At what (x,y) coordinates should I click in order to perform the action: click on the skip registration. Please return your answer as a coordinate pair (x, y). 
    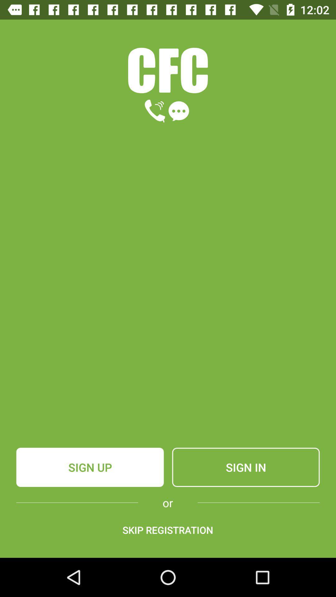
    Looking at the image, I should click on (167, 530).